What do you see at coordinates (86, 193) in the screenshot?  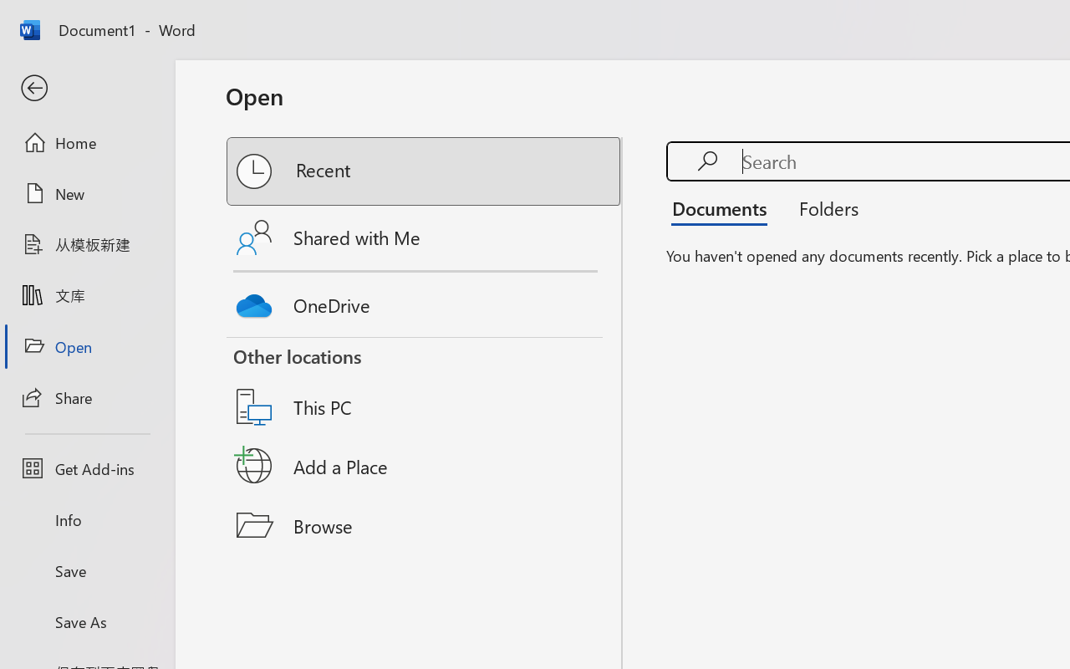 I see `'New'` at bounding box center [86, 193].